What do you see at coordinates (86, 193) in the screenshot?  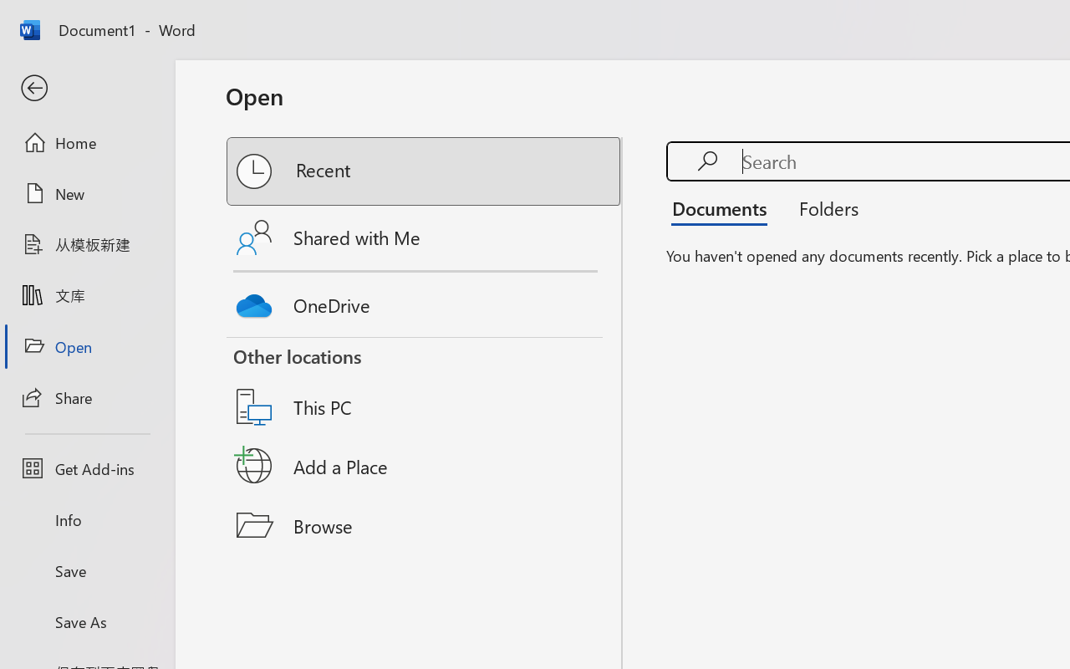 I see `'New'` at bounding box center [86, 193].